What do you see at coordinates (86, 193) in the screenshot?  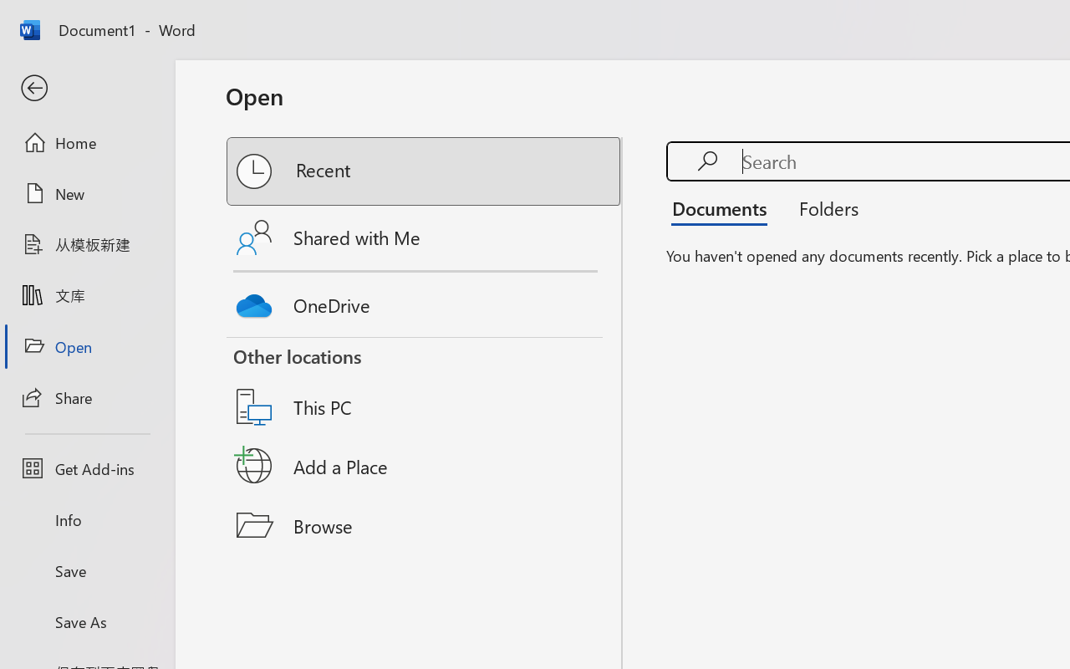 I see `'New'` at bounding box center [86, 193].